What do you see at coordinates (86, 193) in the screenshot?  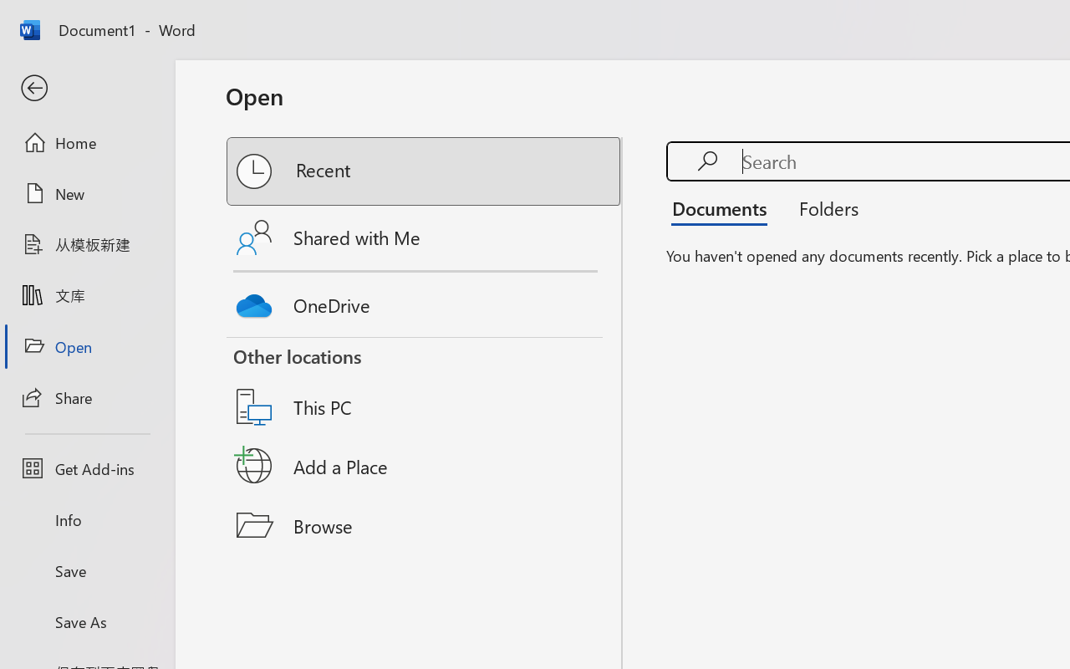 I see `'New'` at bounding box center [86, 193].